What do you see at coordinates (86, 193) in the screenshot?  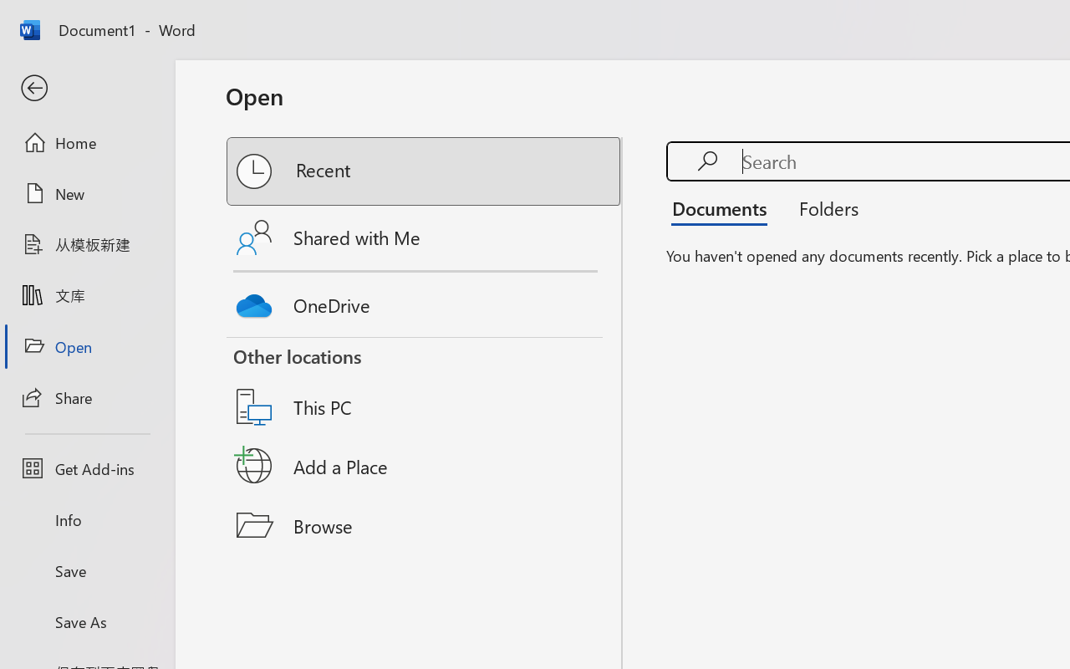 I see `'New'` at bounding box center [86, 193].